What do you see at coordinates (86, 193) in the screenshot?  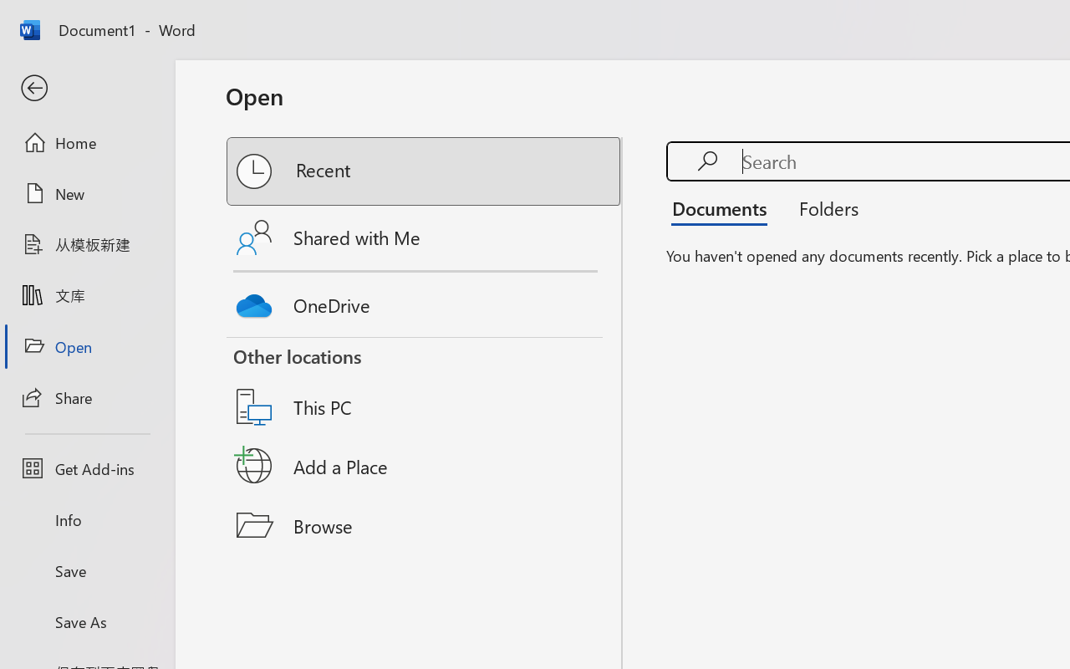 I see `'New'` at bounding box center [86, 193].